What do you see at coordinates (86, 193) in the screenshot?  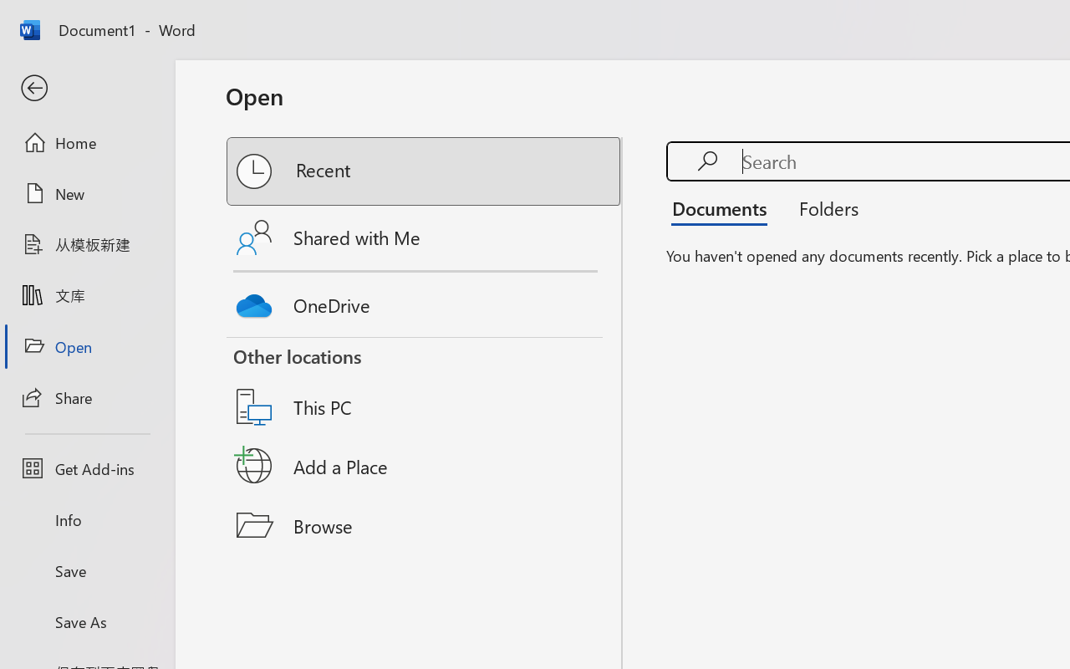 I see `'New'` at bounding box center [86, 193].